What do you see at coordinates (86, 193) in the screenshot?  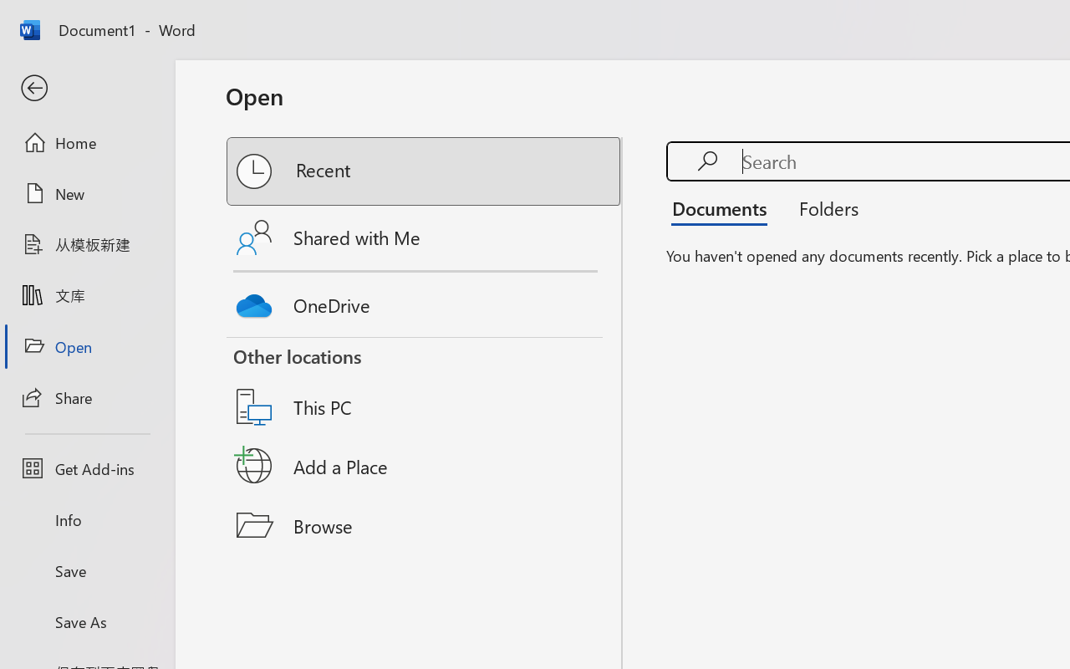 I see `'New'` at bounding box center [86, 193].